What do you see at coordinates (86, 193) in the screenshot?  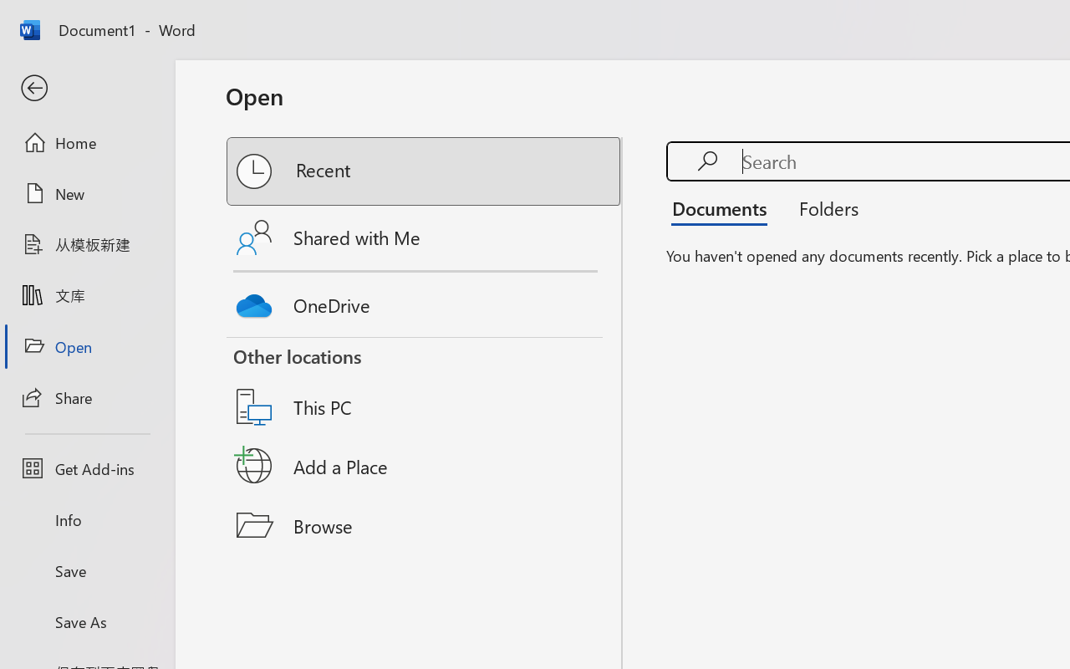 I see `'New'` at bounding box center [86, 193].